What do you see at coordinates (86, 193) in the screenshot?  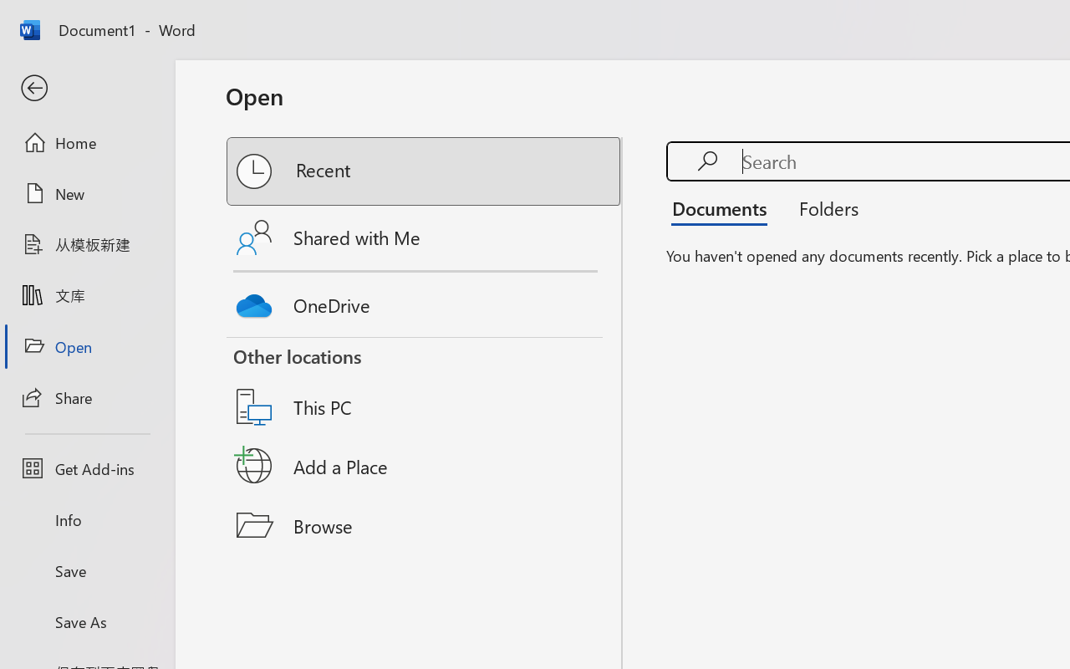 I see `'New'` at bounding box center [86, 193].